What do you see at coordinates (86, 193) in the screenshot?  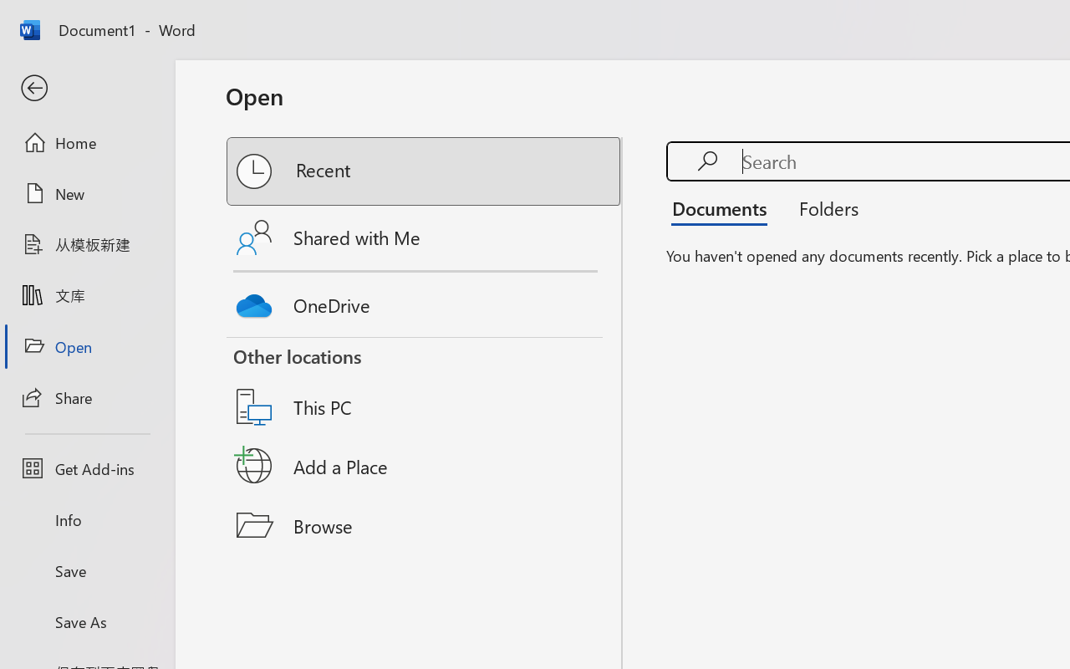 I see `'New'` at bounding box center [86, 193].